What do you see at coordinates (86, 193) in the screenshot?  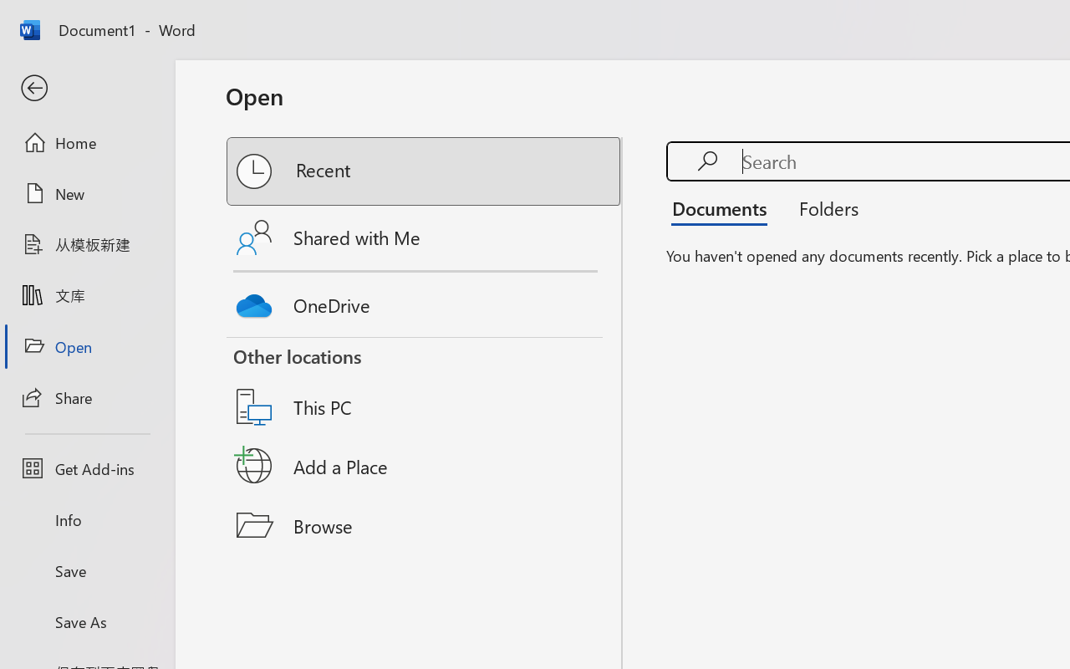 I see `'New'` at bounding box center [86, 193].